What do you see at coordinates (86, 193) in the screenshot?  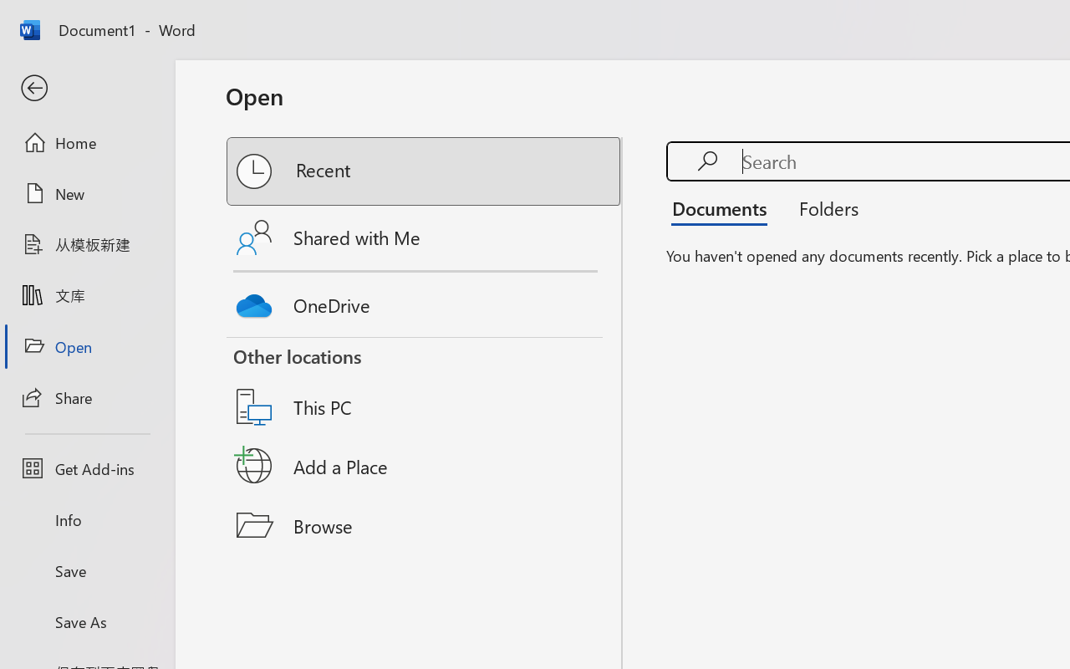 I see `'New'` at bounding box center [86, 193].